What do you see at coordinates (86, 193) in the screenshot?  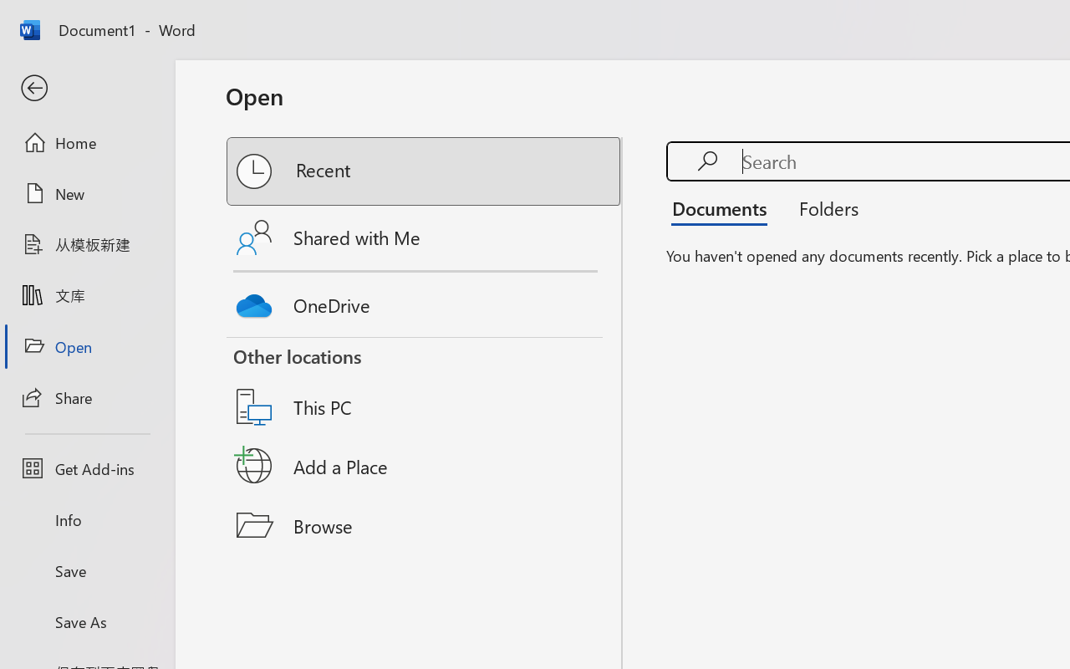 I see `'New'` at bounding box center [86, 193].